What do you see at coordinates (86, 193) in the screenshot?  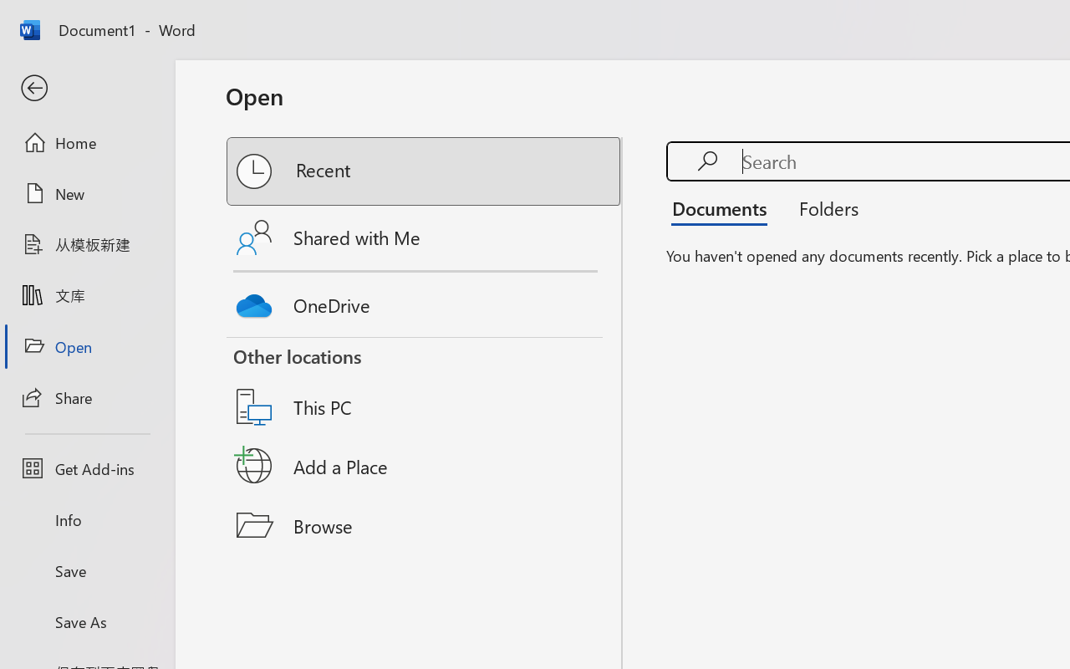 I see `'New'` at bounding box center [86, 193].